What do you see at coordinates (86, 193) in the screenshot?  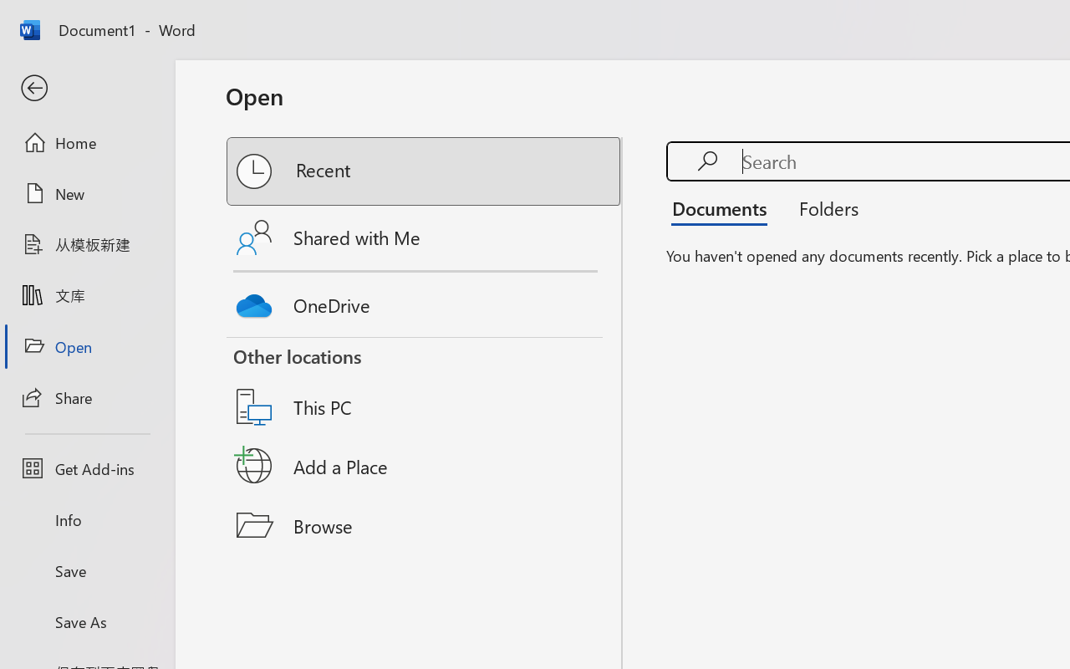 I see `'New'` at bounding box center [86, 193].